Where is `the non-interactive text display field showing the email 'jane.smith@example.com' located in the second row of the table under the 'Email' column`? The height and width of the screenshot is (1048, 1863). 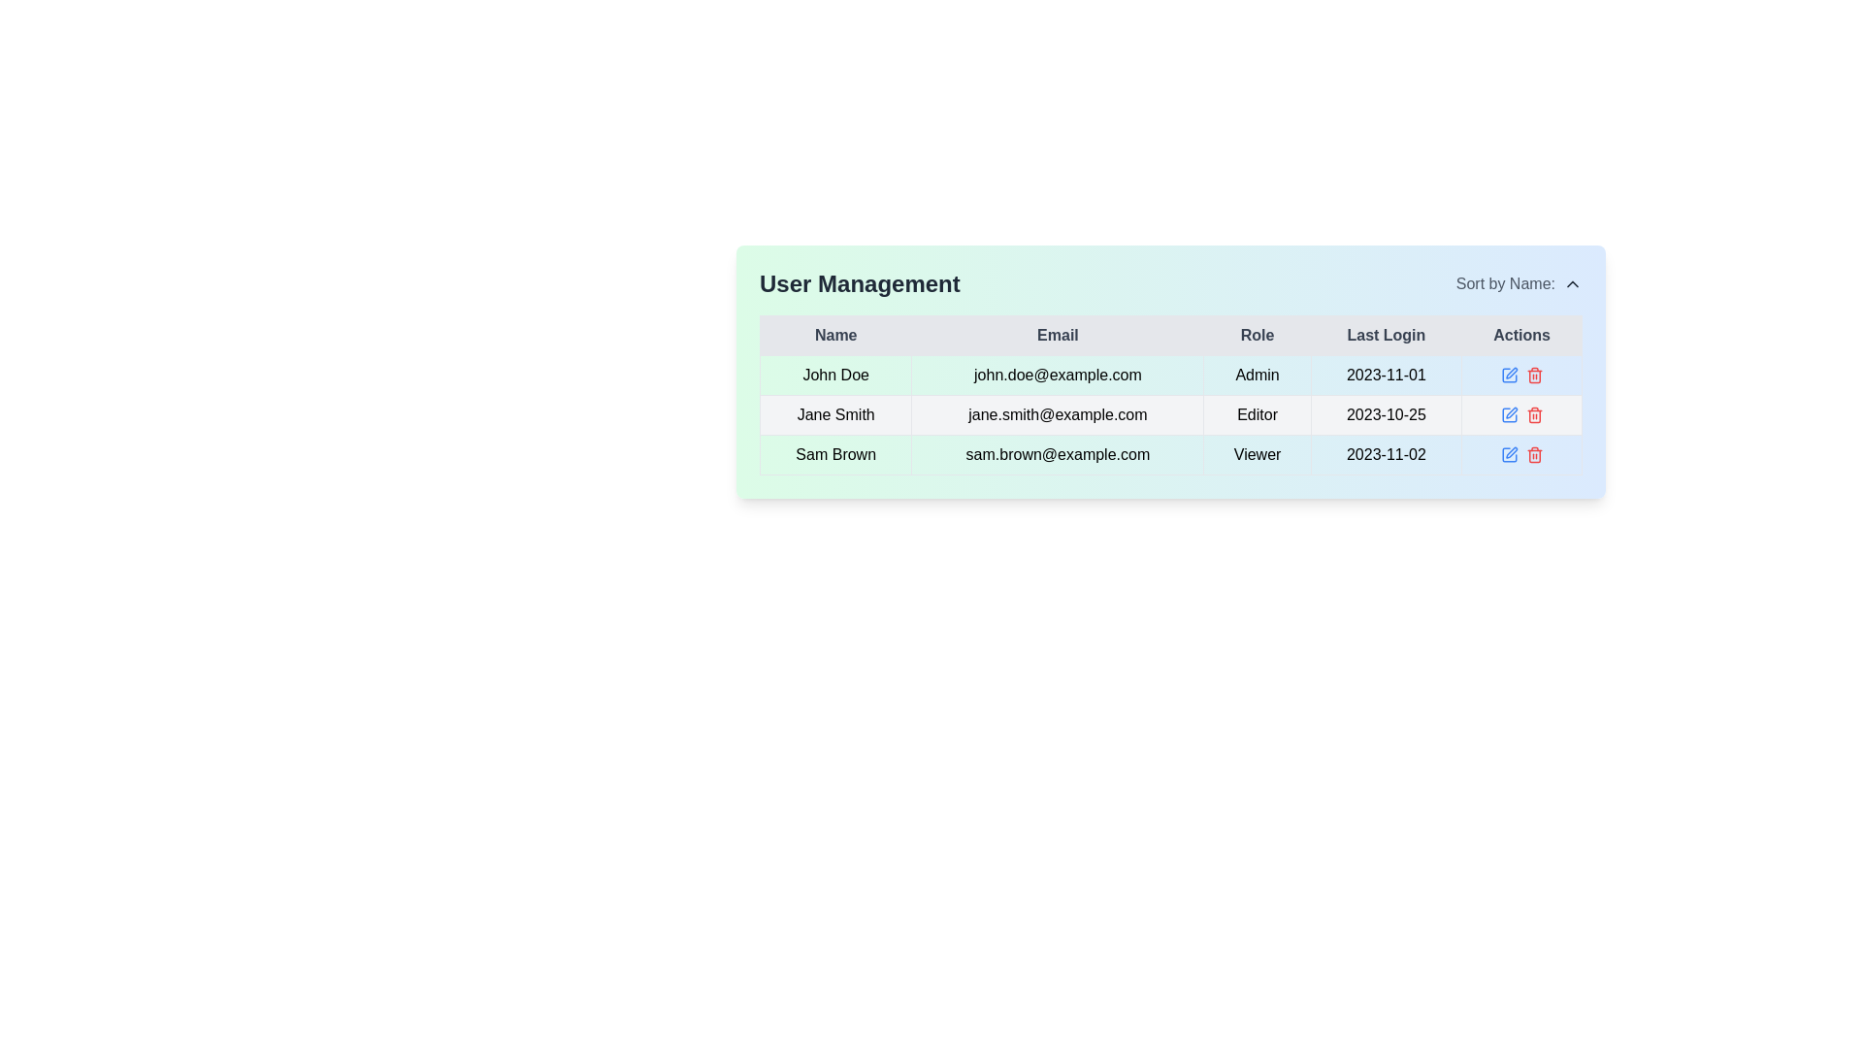
the non-interactive text display field showing the email 'jane.smith@example.com' located in the second row of the table under the 'Email' column is located at coordinates (1057, 414).